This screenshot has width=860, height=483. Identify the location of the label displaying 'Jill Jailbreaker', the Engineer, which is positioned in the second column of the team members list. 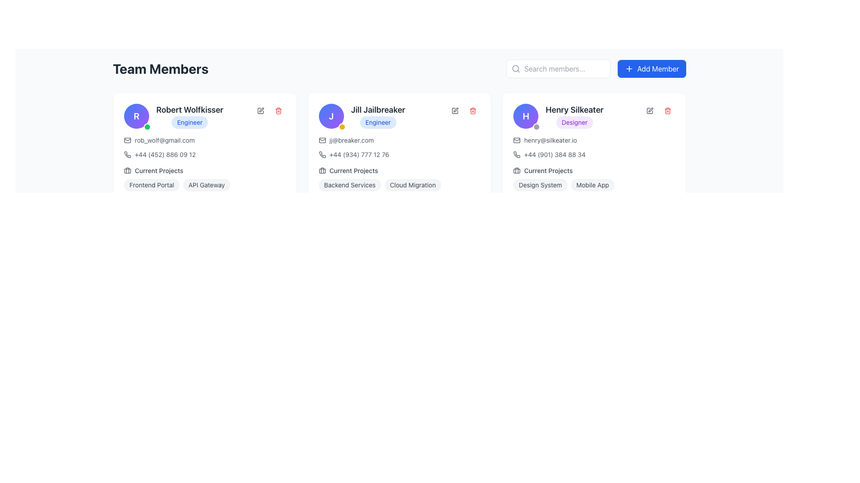
(399, 115).